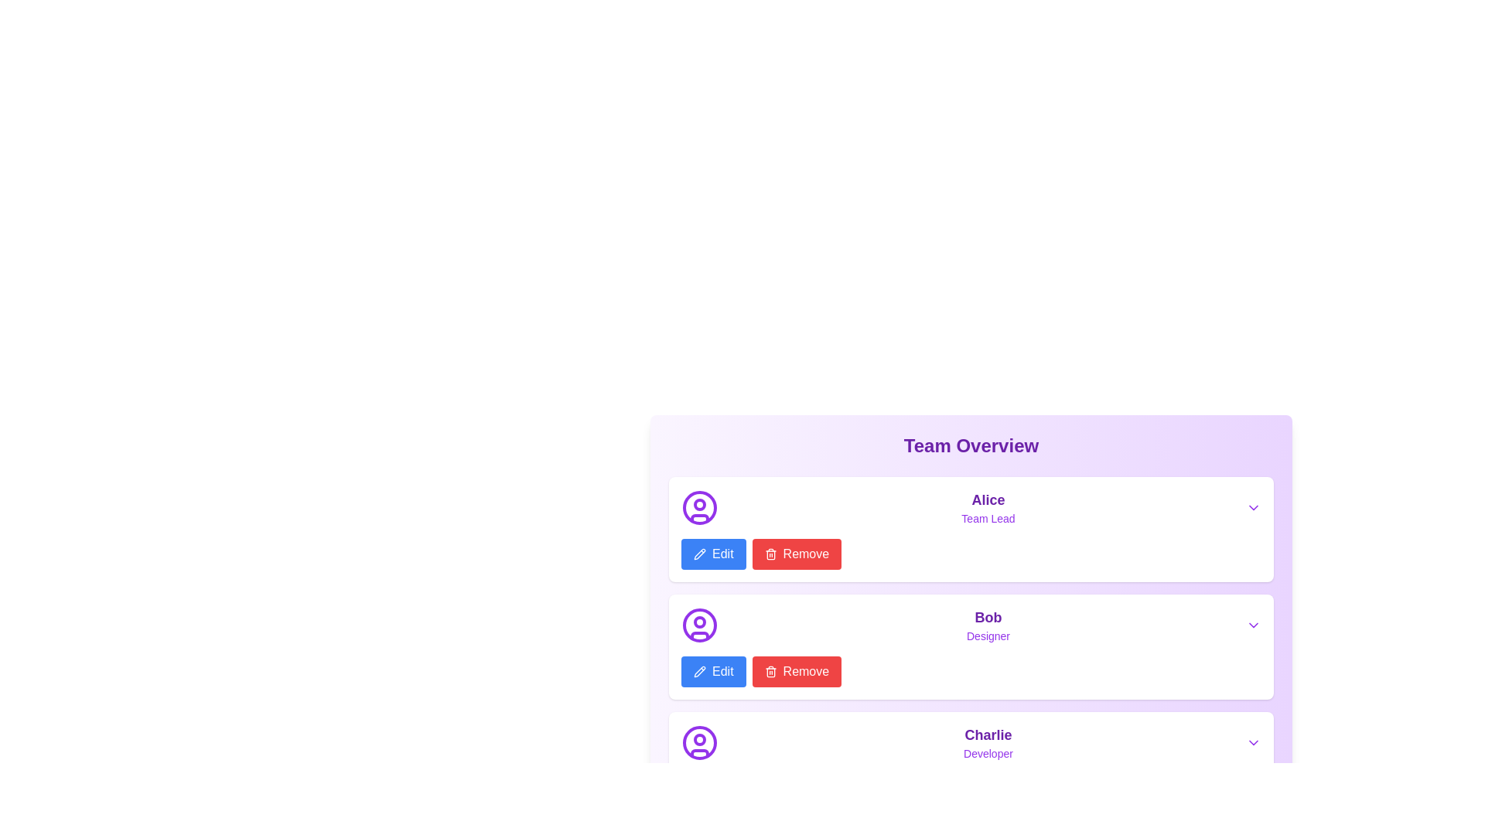  What do you see at coordinates (1254, 625) in the screenshot?
I see `the dropdown trigger icon located to the right of the text 'Bob Designer'` at bounding box center [1254, 625].